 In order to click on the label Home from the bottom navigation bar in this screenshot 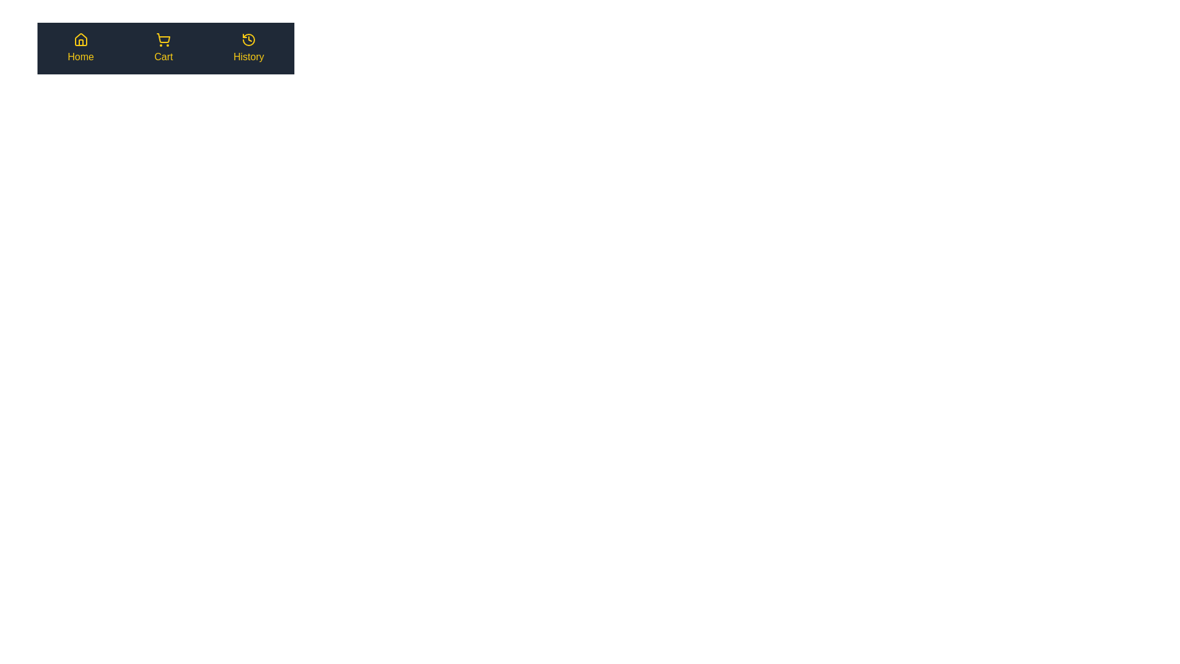, I will do `click(80, 57)`.